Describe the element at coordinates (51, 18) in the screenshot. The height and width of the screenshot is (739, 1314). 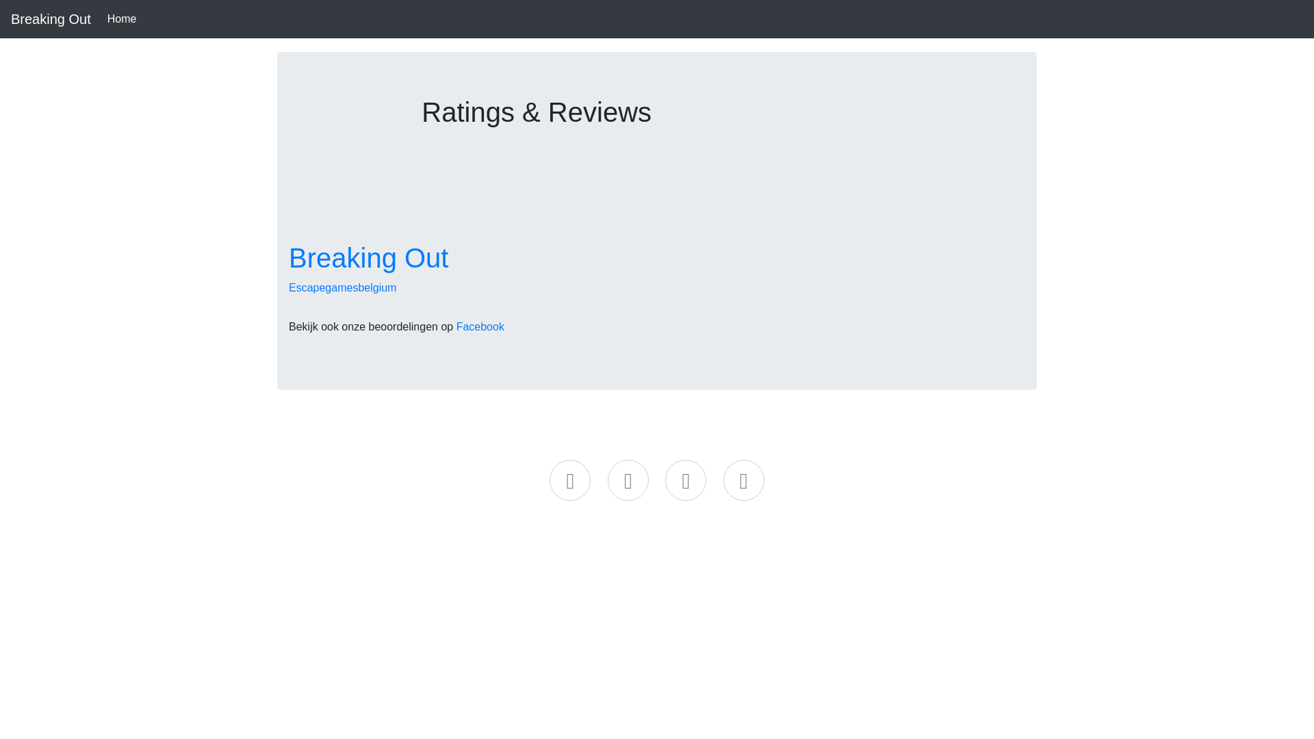
I see `'Breaking Out'` at that location.